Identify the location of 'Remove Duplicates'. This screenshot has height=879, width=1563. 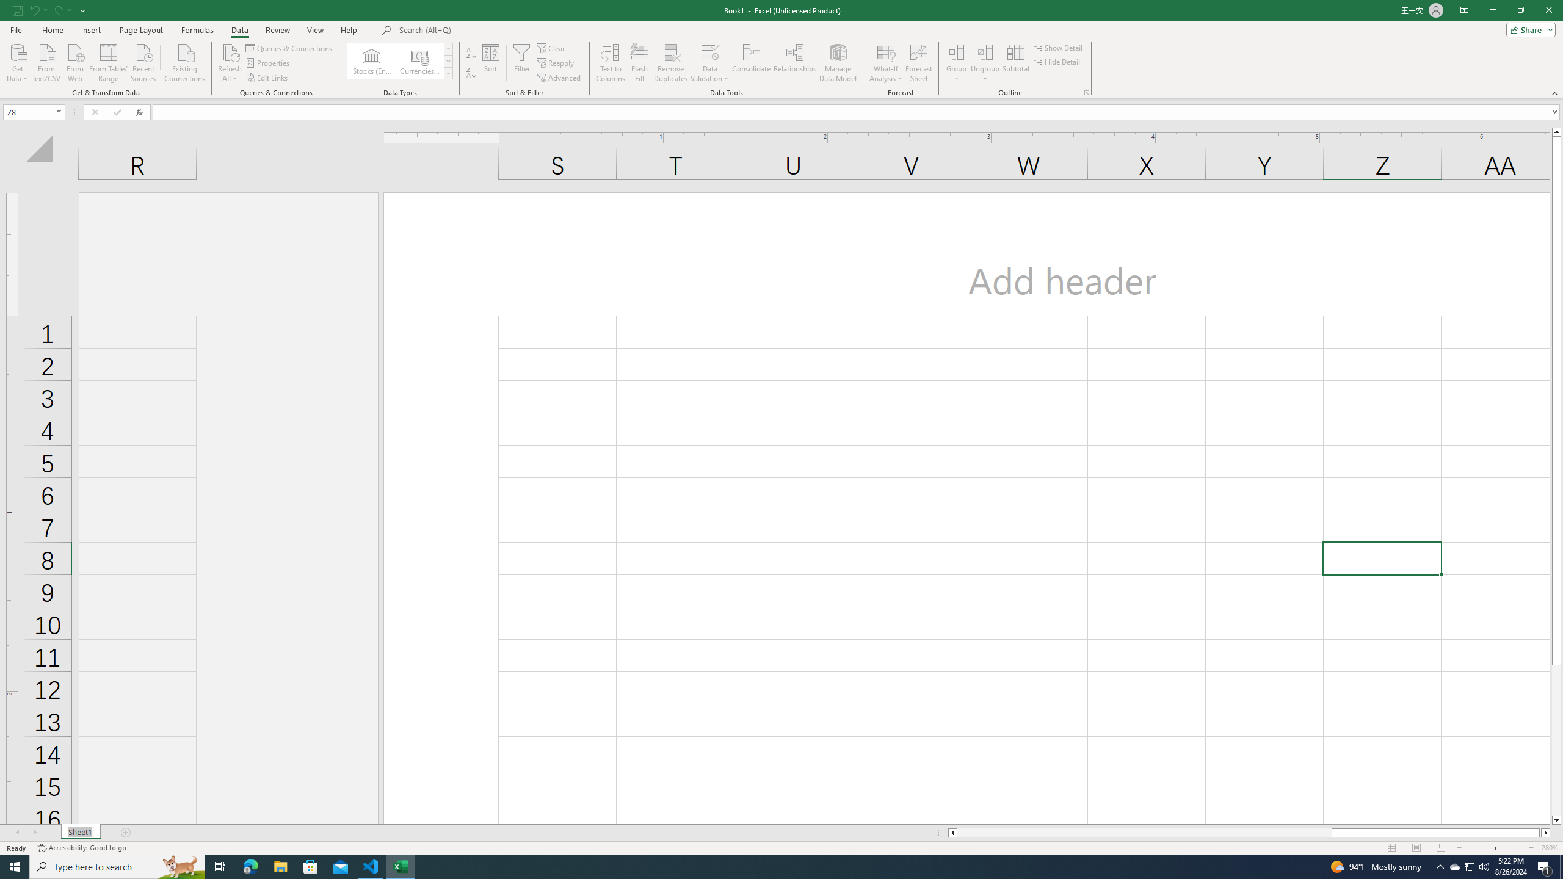
(670, 63).